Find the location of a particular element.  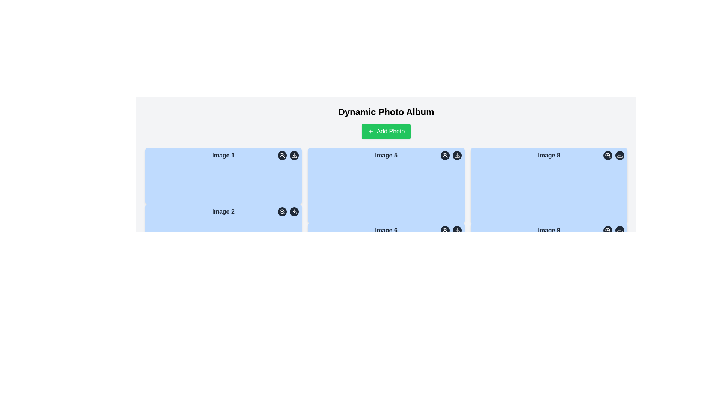

the circular gray download button located at the top-right corner of the 'Image 5' box, which is the second icon in the small icon group adjacent to that image, to download the image is located at coordinates (457, 155).